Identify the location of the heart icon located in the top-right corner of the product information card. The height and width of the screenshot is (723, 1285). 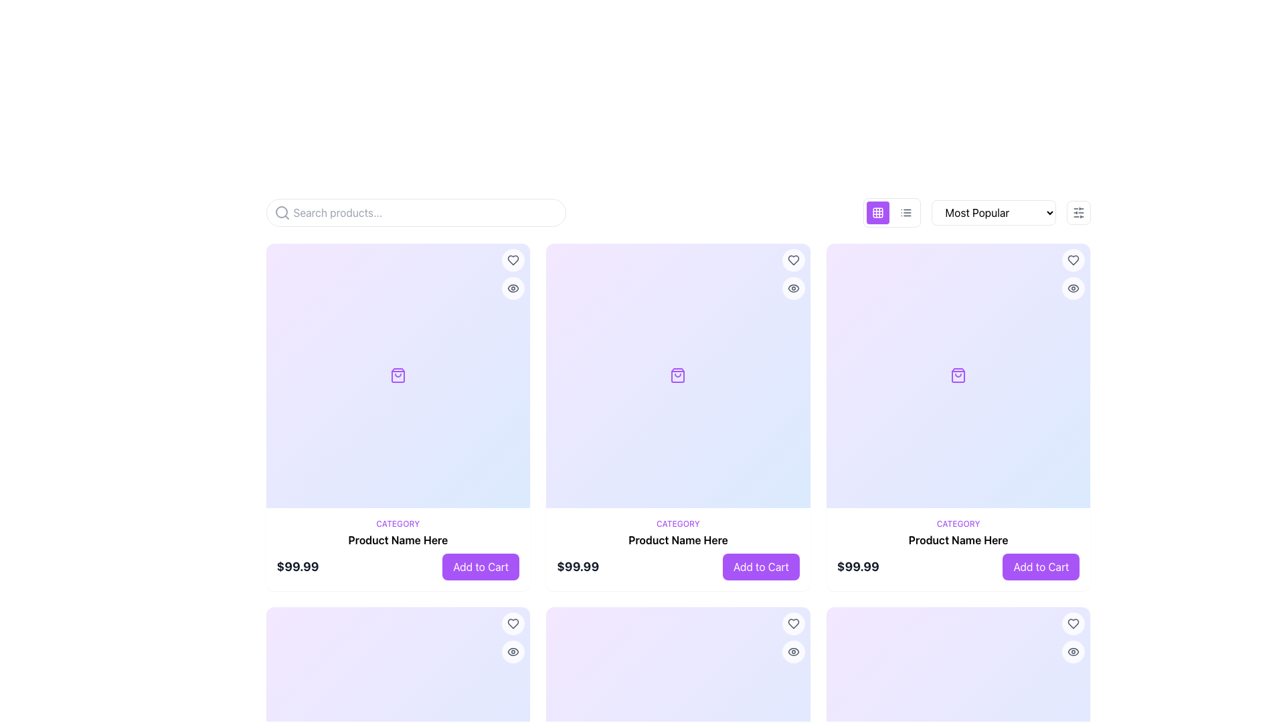
(1074, 260).